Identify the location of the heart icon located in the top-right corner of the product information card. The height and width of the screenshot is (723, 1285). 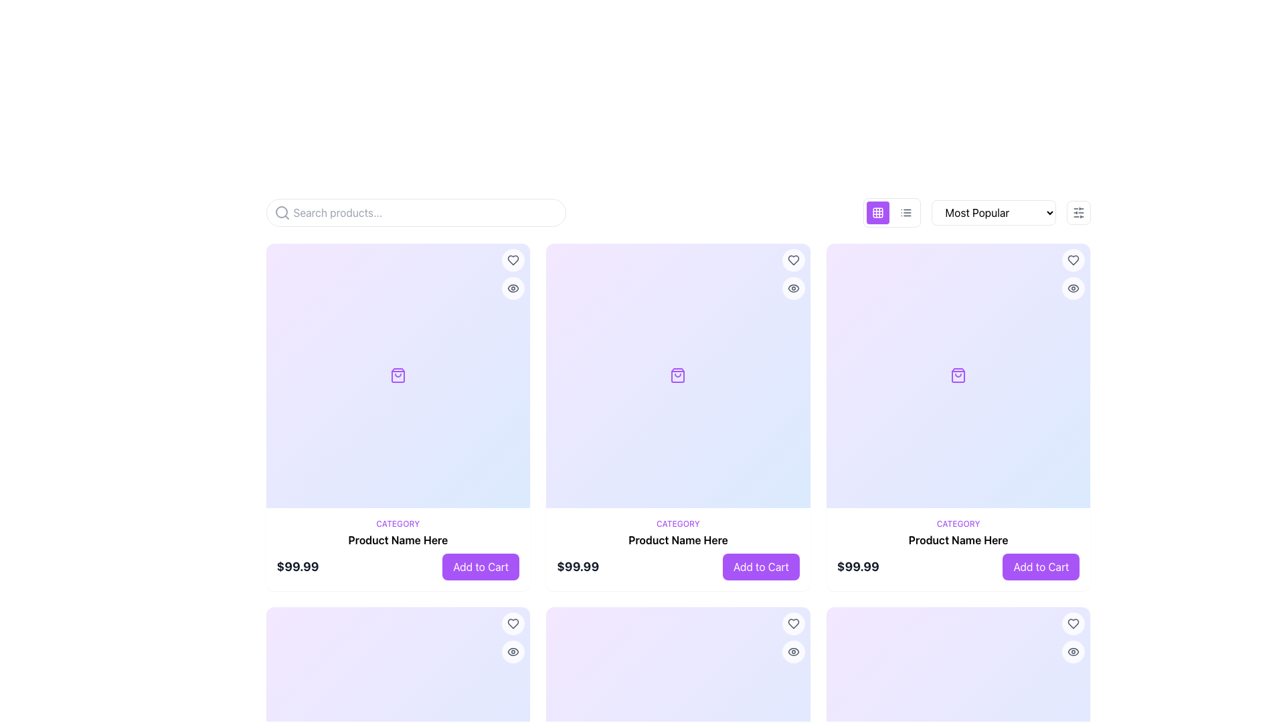
(1074, 260).